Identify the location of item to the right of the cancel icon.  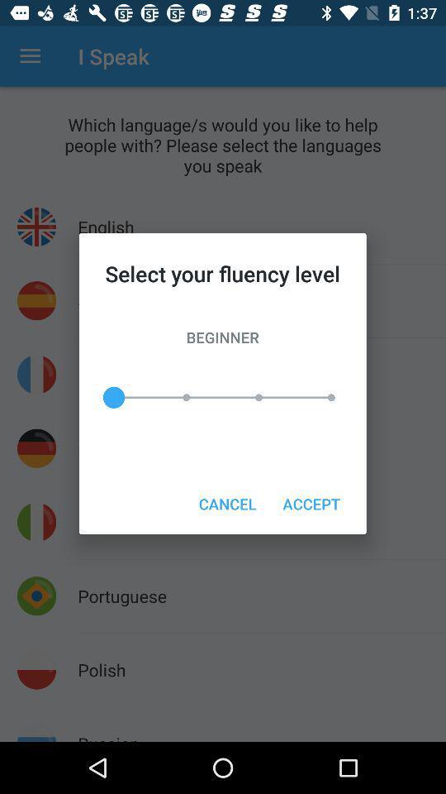
(311, 503).